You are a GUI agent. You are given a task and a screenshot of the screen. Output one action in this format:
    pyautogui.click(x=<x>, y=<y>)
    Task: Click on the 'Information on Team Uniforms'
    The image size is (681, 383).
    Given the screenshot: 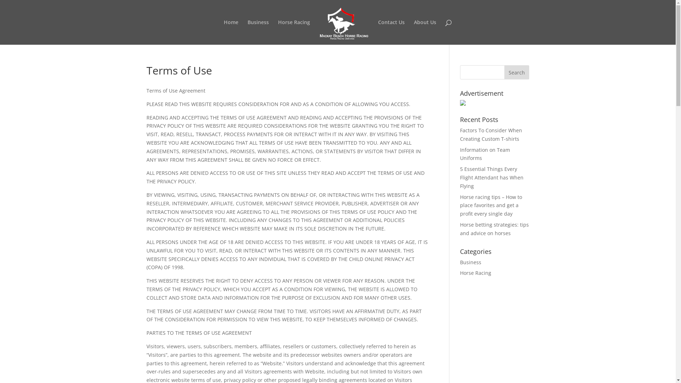 What is the action you would take?
    pyautogui.click(x=485, y=154)
    